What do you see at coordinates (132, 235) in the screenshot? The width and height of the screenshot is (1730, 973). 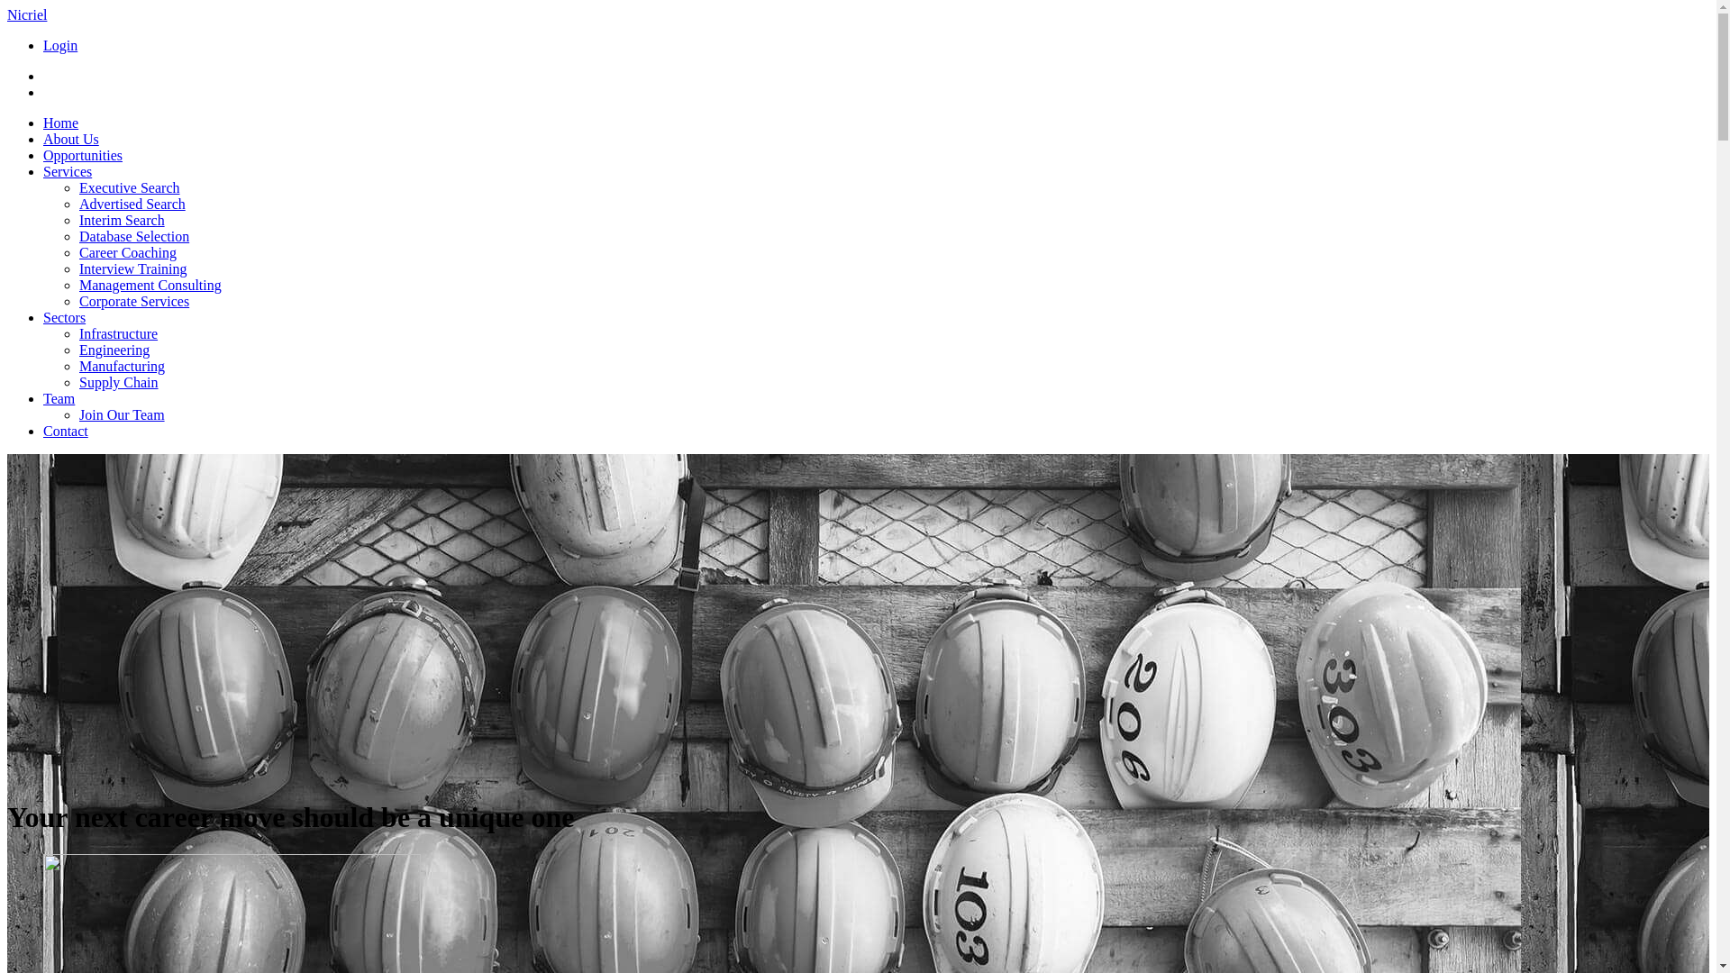 I see `'Database Selection'` at bounding box center [132, 235].